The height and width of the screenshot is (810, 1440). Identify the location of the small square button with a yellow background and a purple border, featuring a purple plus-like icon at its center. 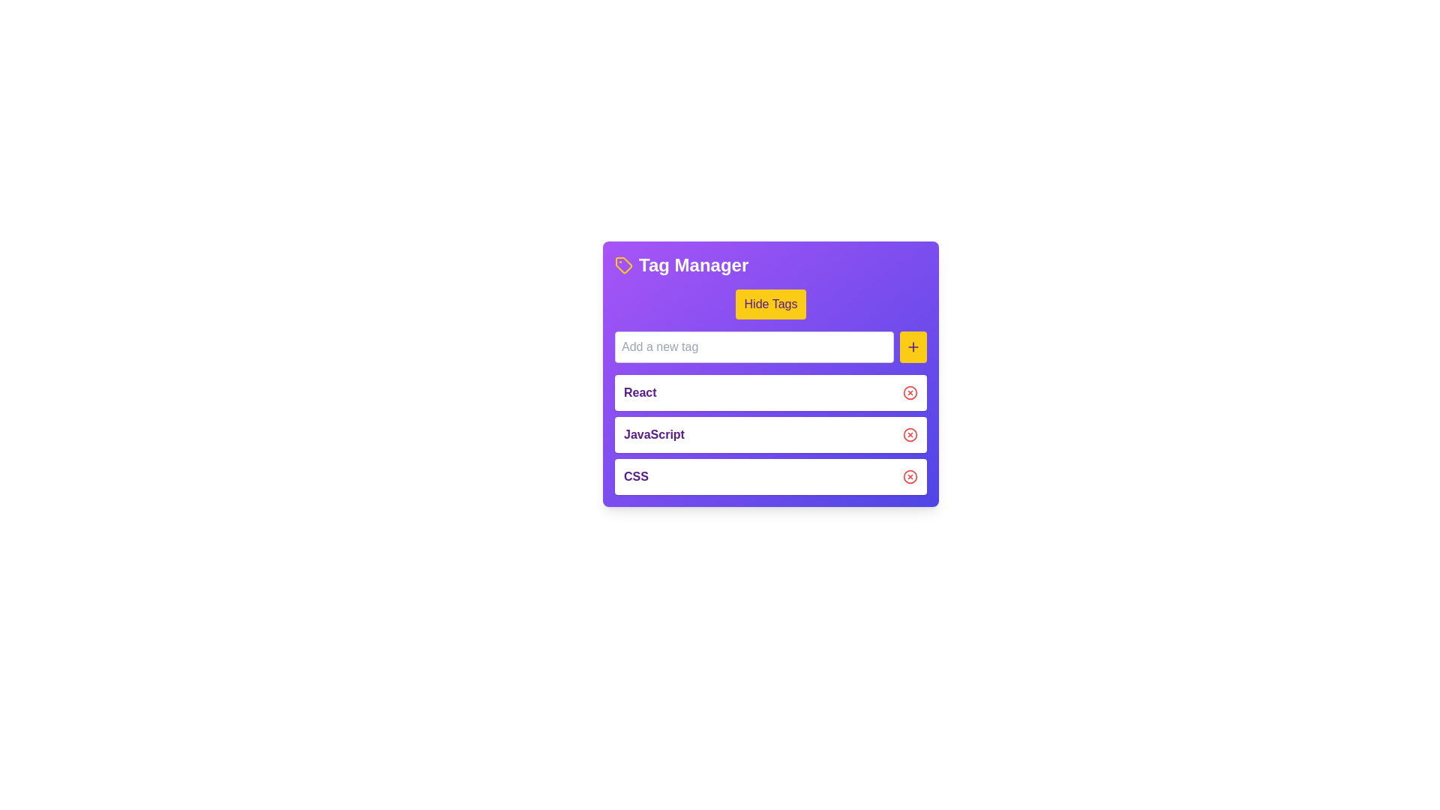
(913, 346).